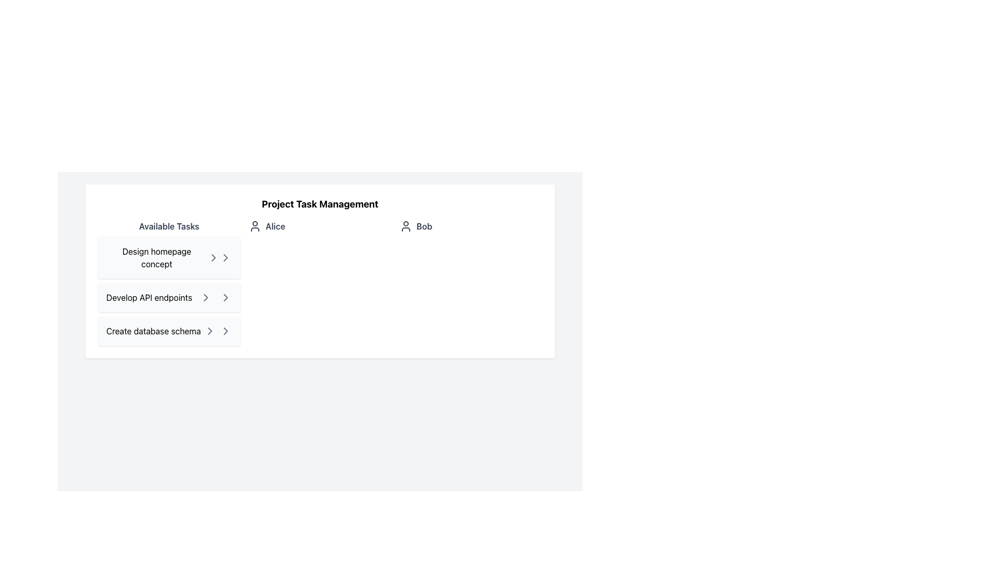  What do you see at coordinates (225, 297) in the screenshot?
I see `the rightward-pointing gray chevron icon located at the end of the 'Develop API endpoints' task row to change its color to green` at bounding box center [225, 297].